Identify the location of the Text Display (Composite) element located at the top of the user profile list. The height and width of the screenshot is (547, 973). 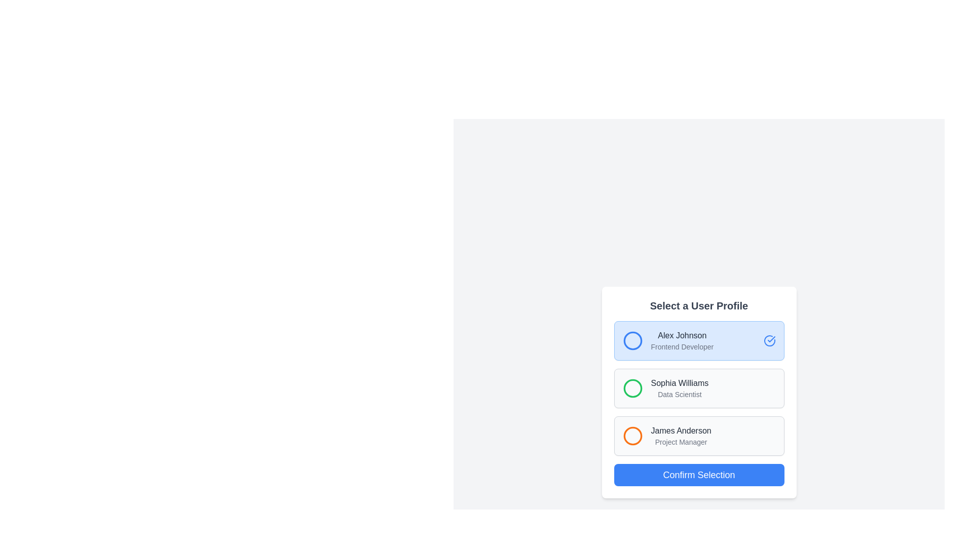
(682, 340).